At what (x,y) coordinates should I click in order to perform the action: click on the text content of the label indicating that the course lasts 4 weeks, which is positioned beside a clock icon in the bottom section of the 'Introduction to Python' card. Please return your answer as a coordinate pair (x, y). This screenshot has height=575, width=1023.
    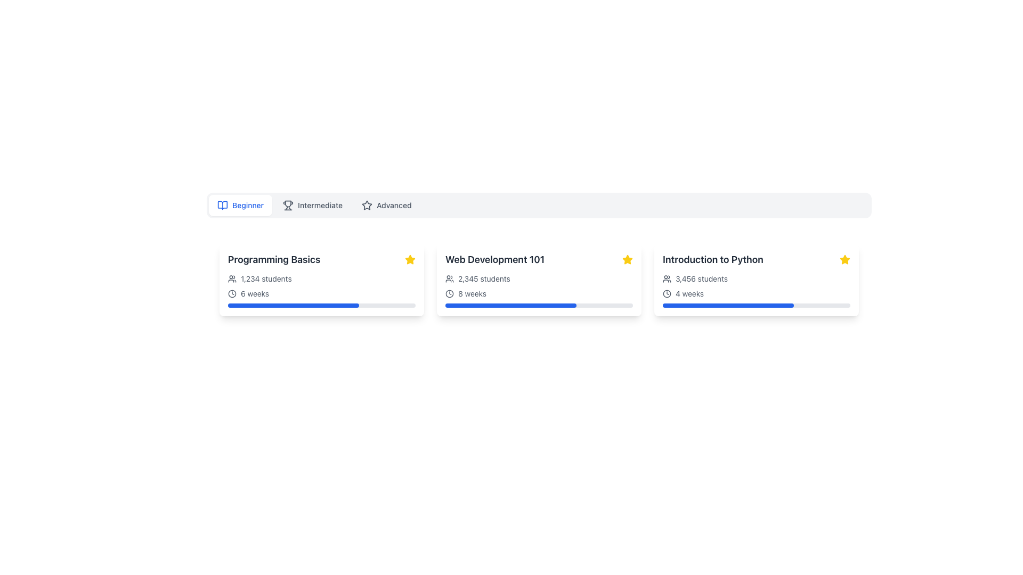
    Looking at the image, I should click on (689, 293).